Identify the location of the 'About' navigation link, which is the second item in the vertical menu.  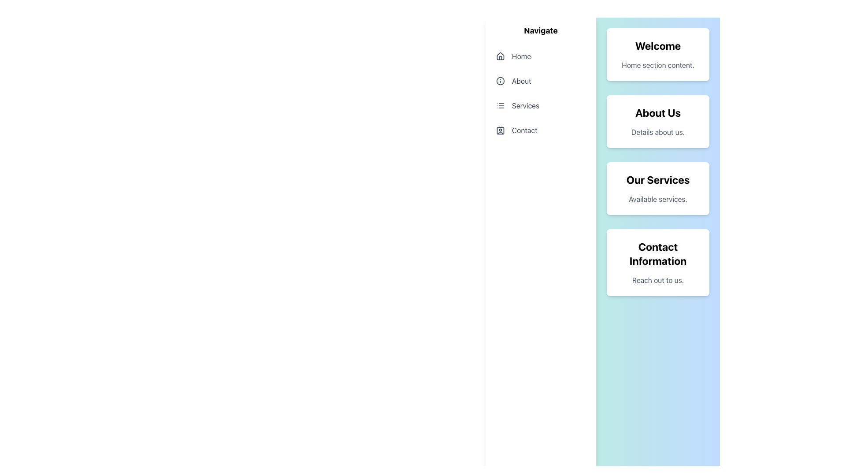
(540, 81).